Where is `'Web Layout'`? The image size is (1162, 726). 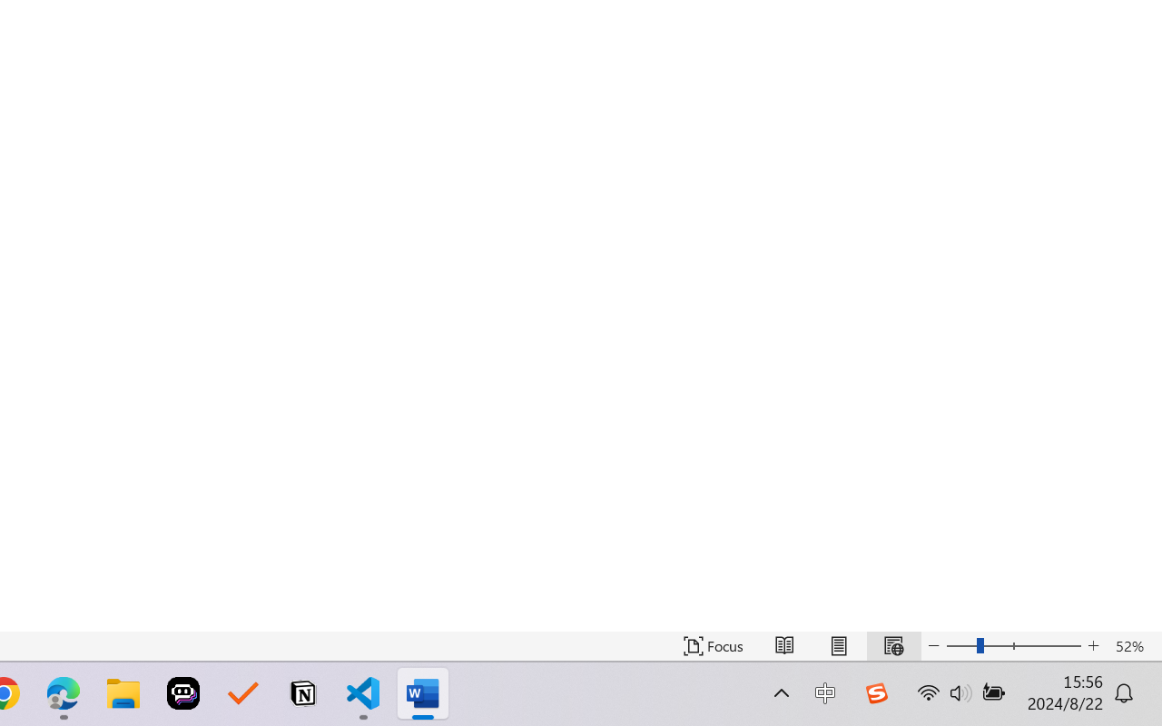
'Web Layout' is located at coordinates (893, 645).